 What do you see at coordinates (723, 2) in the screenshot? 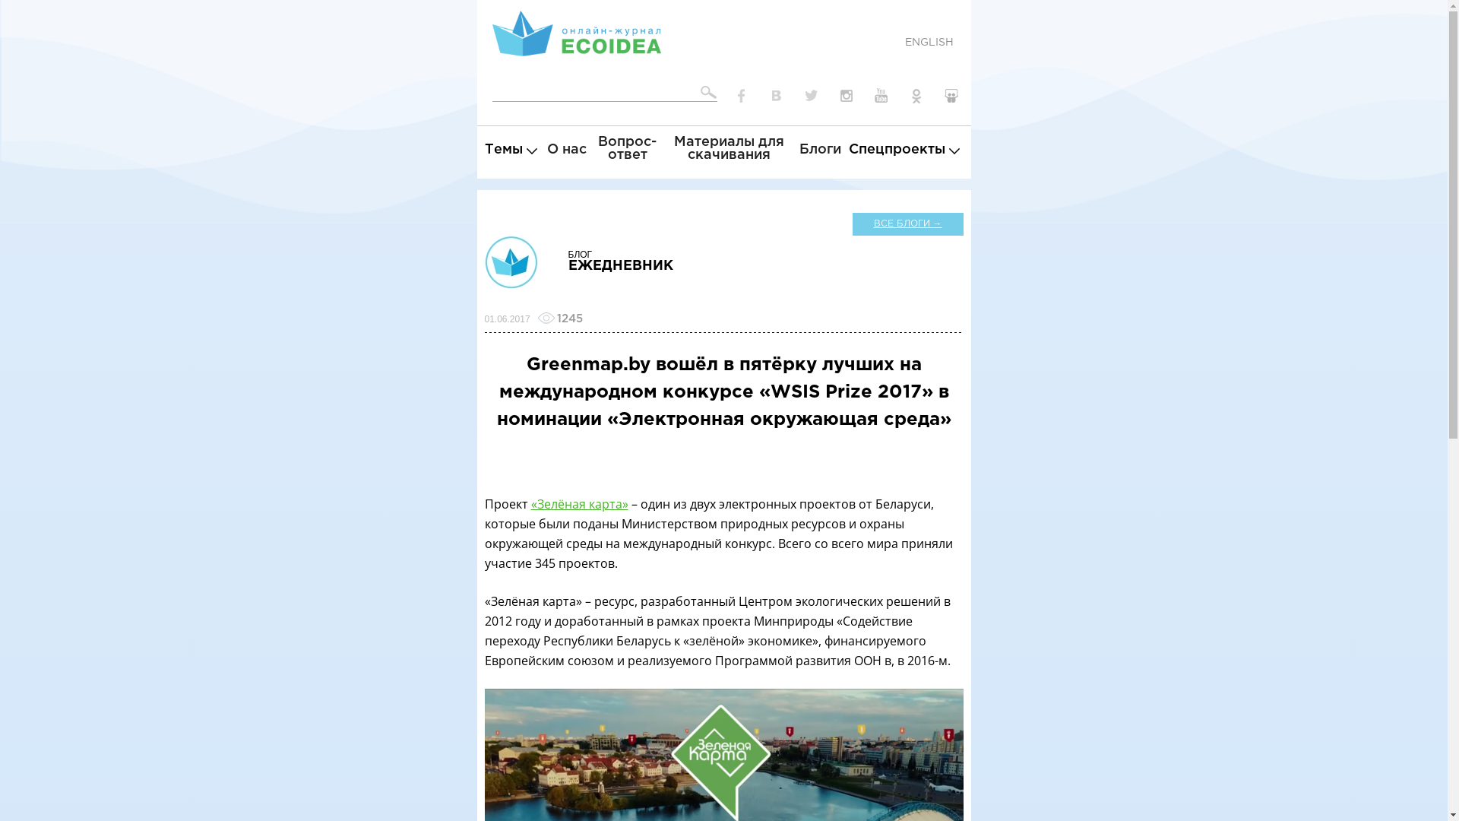
I see `'Jump to navigation'` at bounding box center [723, 2].